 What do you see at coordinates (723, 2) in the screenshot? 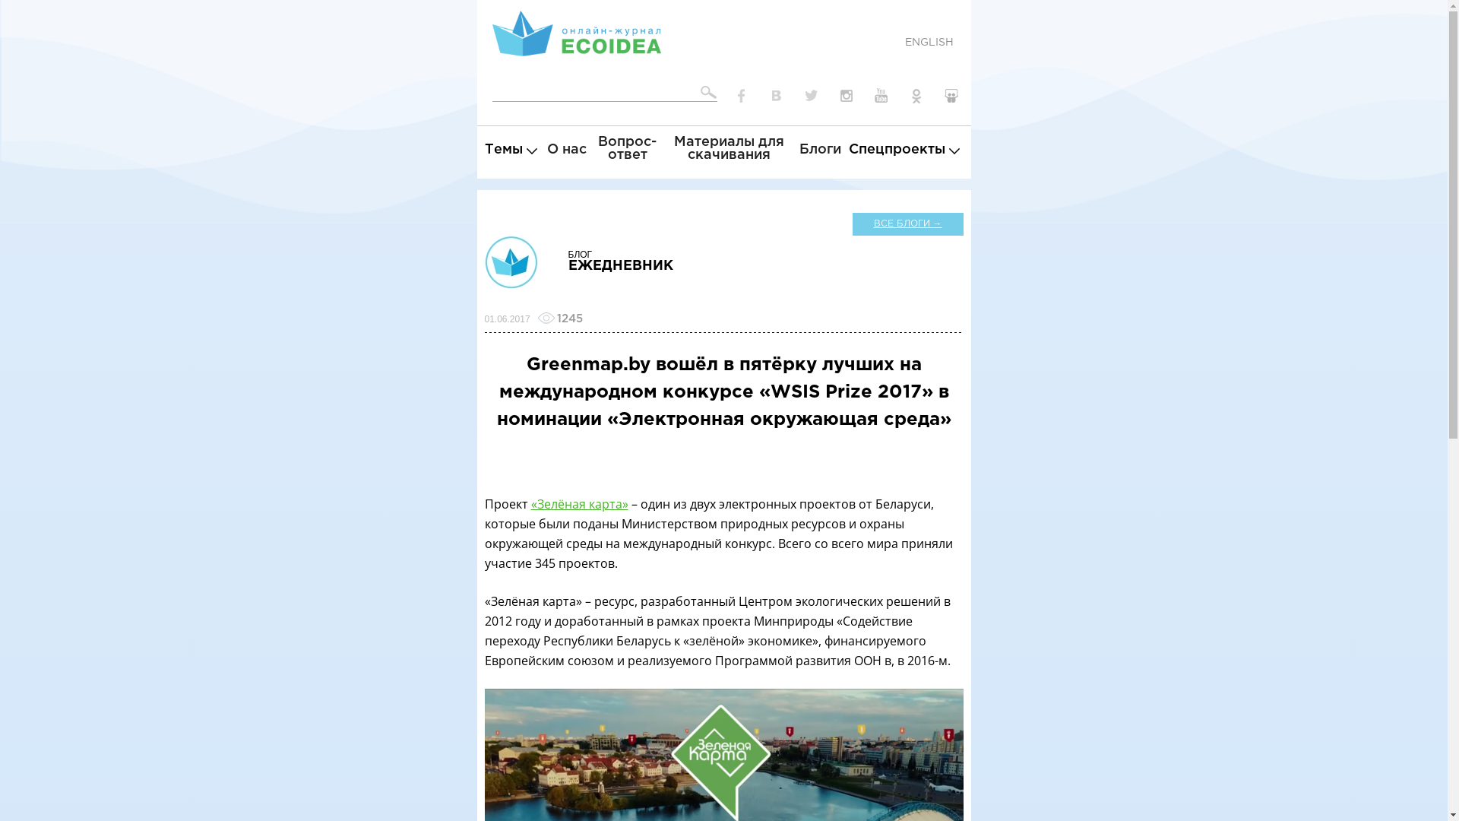
I see `'Jump to navigation'` at bounding box center [723, 2].